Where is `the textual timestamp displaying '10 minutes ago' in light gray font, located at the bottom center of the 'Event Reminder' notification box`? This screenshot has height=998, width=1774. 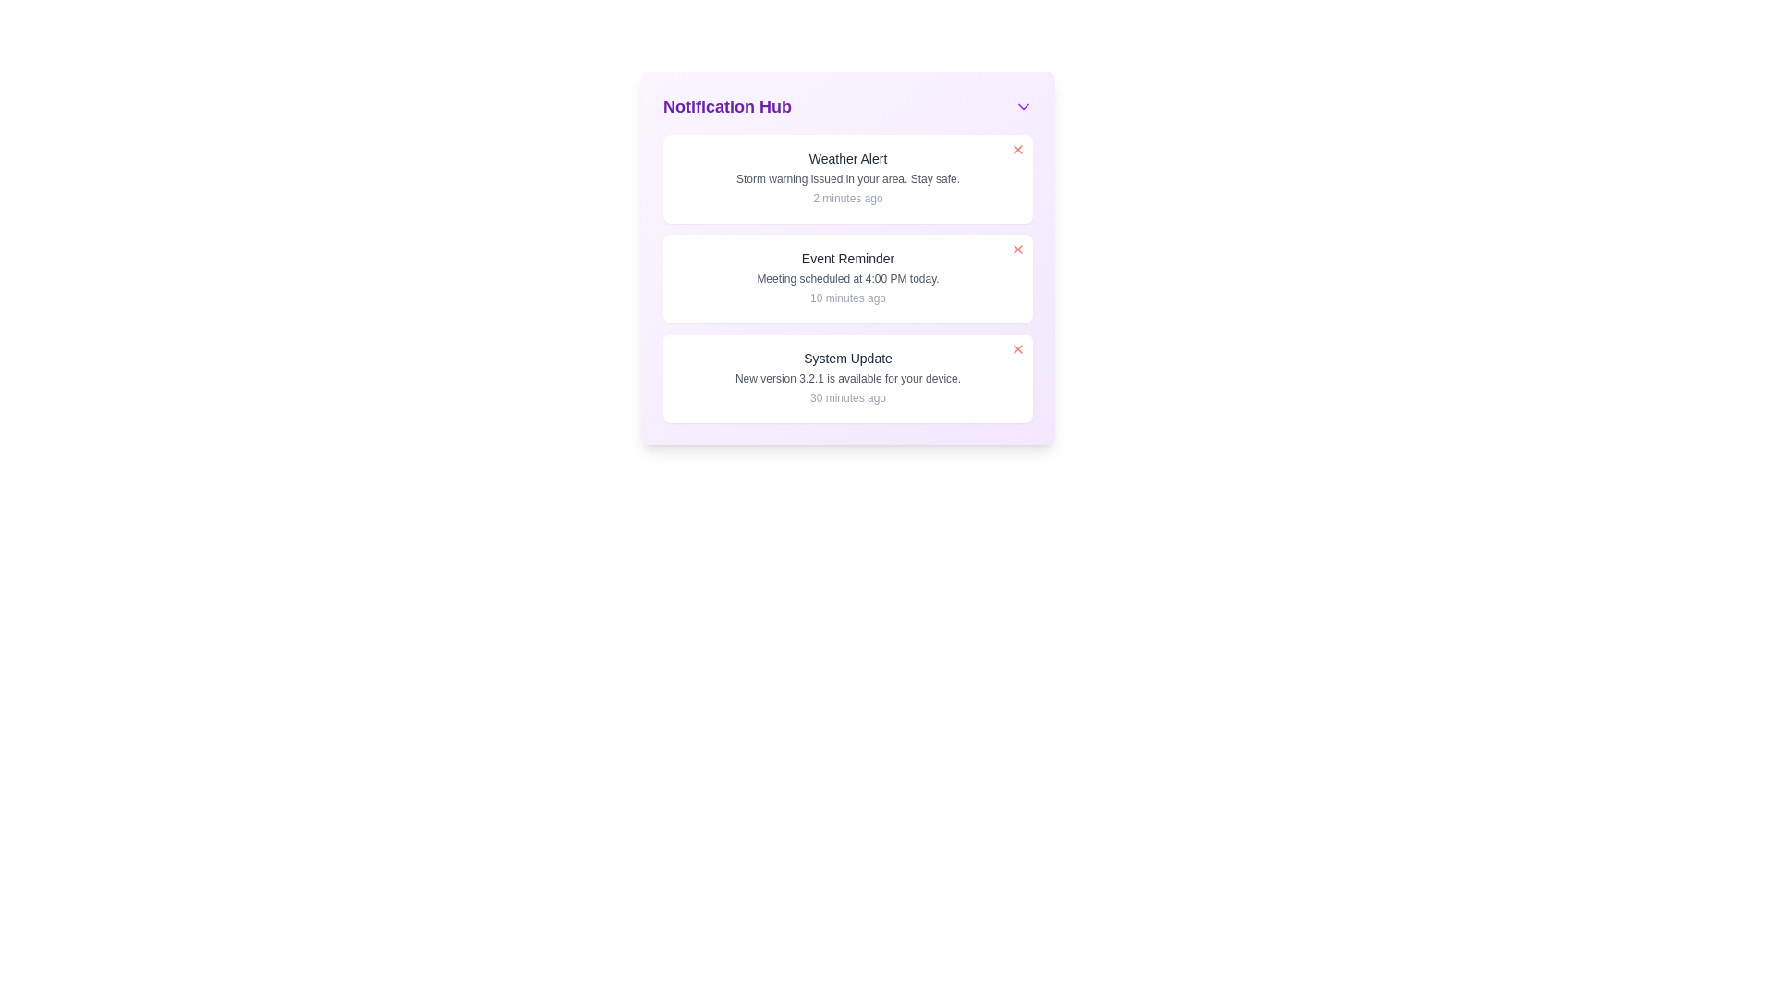
the textual timestamp displaying '10 minutes ago' in light gray font, located at the bottom center of the 'Event Reminder' notification box is located at coordinates (846, 298).